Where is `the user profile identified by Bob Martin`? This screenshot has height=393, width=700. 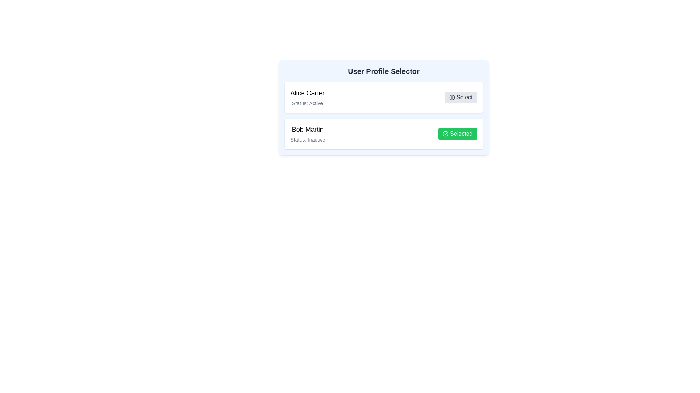
the user profile identified by Bob Martin is located at coordinates (457, 134).